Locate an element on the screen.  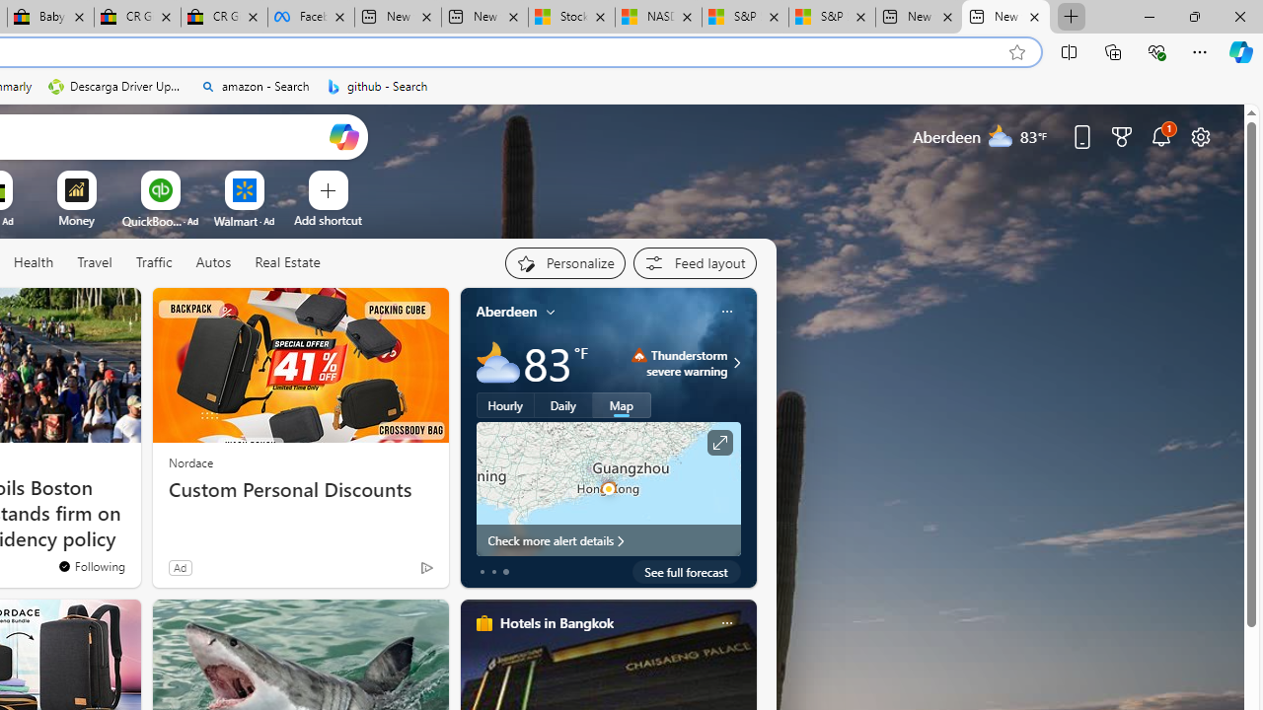
'Facebook' is located at coordinates (310, 17).